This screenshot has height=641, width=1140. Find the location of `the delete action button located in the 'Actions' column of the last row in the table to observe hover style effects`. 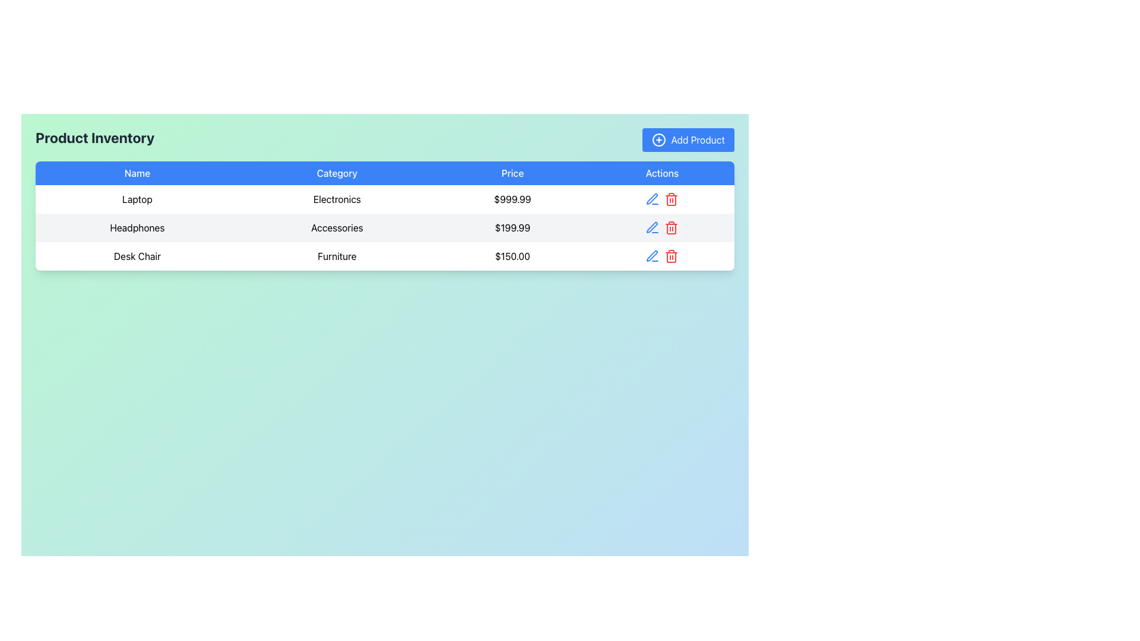

the delete action button located in the 'Actions' column of the last row in the table to observe hover style effects is located at coordinates (672, 256).